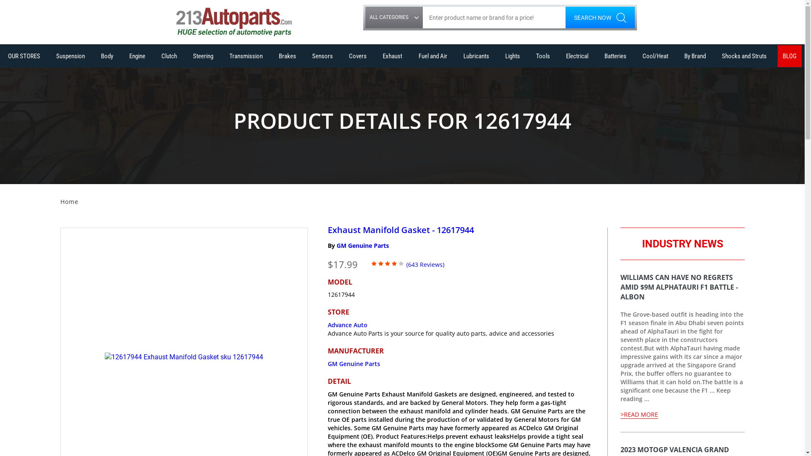 This screenshot has height=456, width=811. What do you see at coordinates (69, 201) in the screenshot?
I see `'Home'` at bounding box center [69, 201].